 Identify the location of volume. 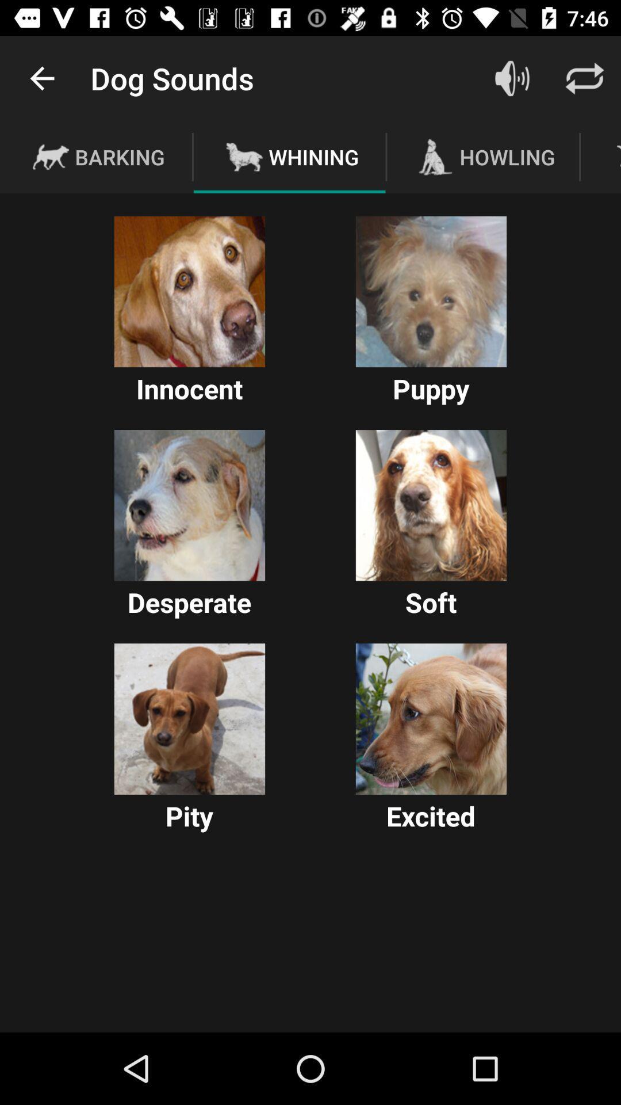
(512, 78).